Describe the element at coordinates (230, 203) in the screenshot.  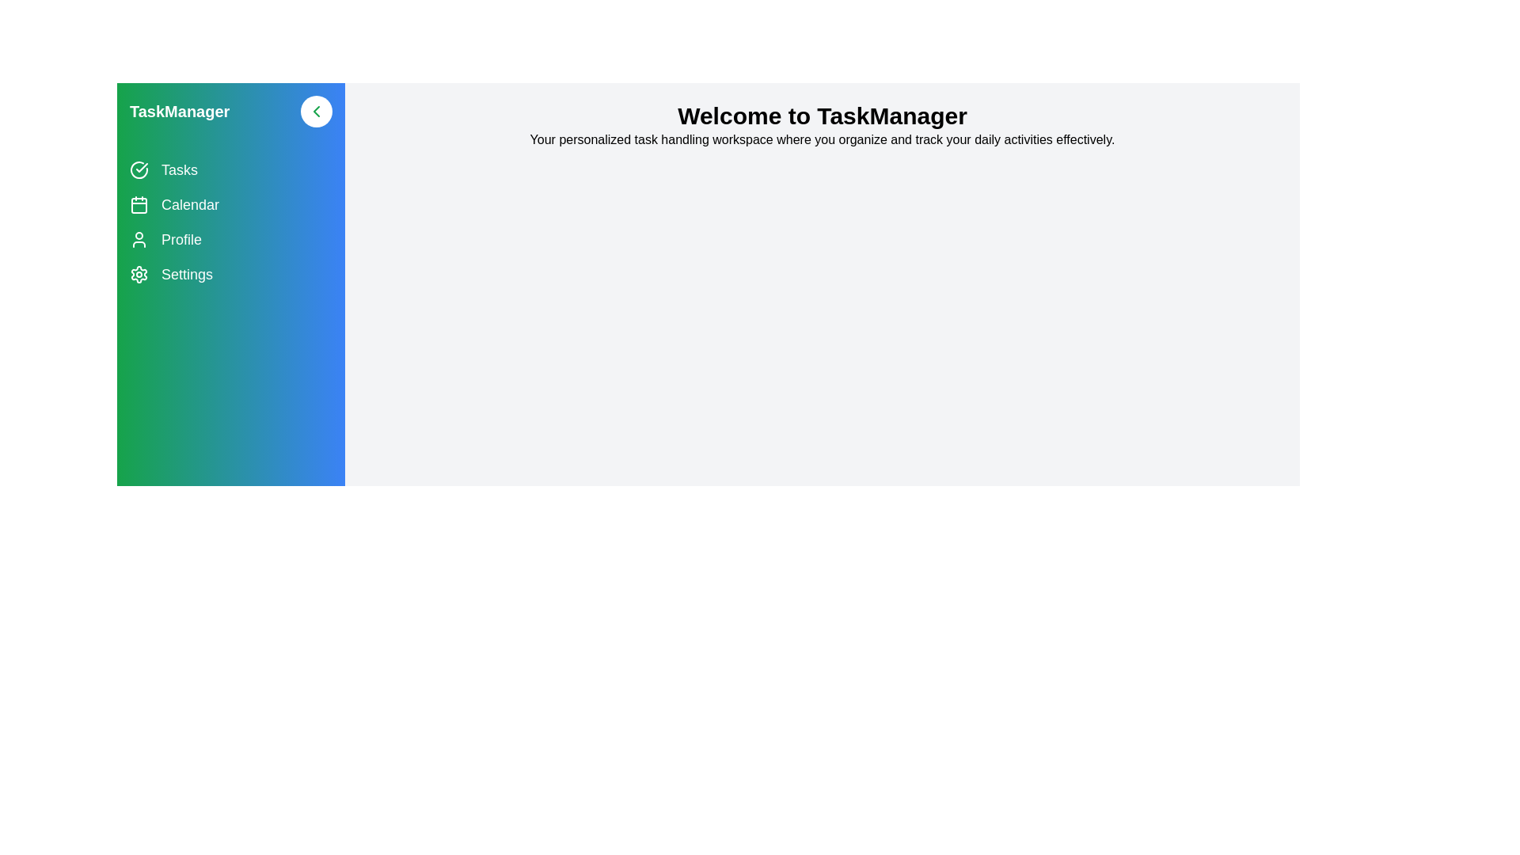
I see `the navigation item Calendar to observe its hover effect` at that location.